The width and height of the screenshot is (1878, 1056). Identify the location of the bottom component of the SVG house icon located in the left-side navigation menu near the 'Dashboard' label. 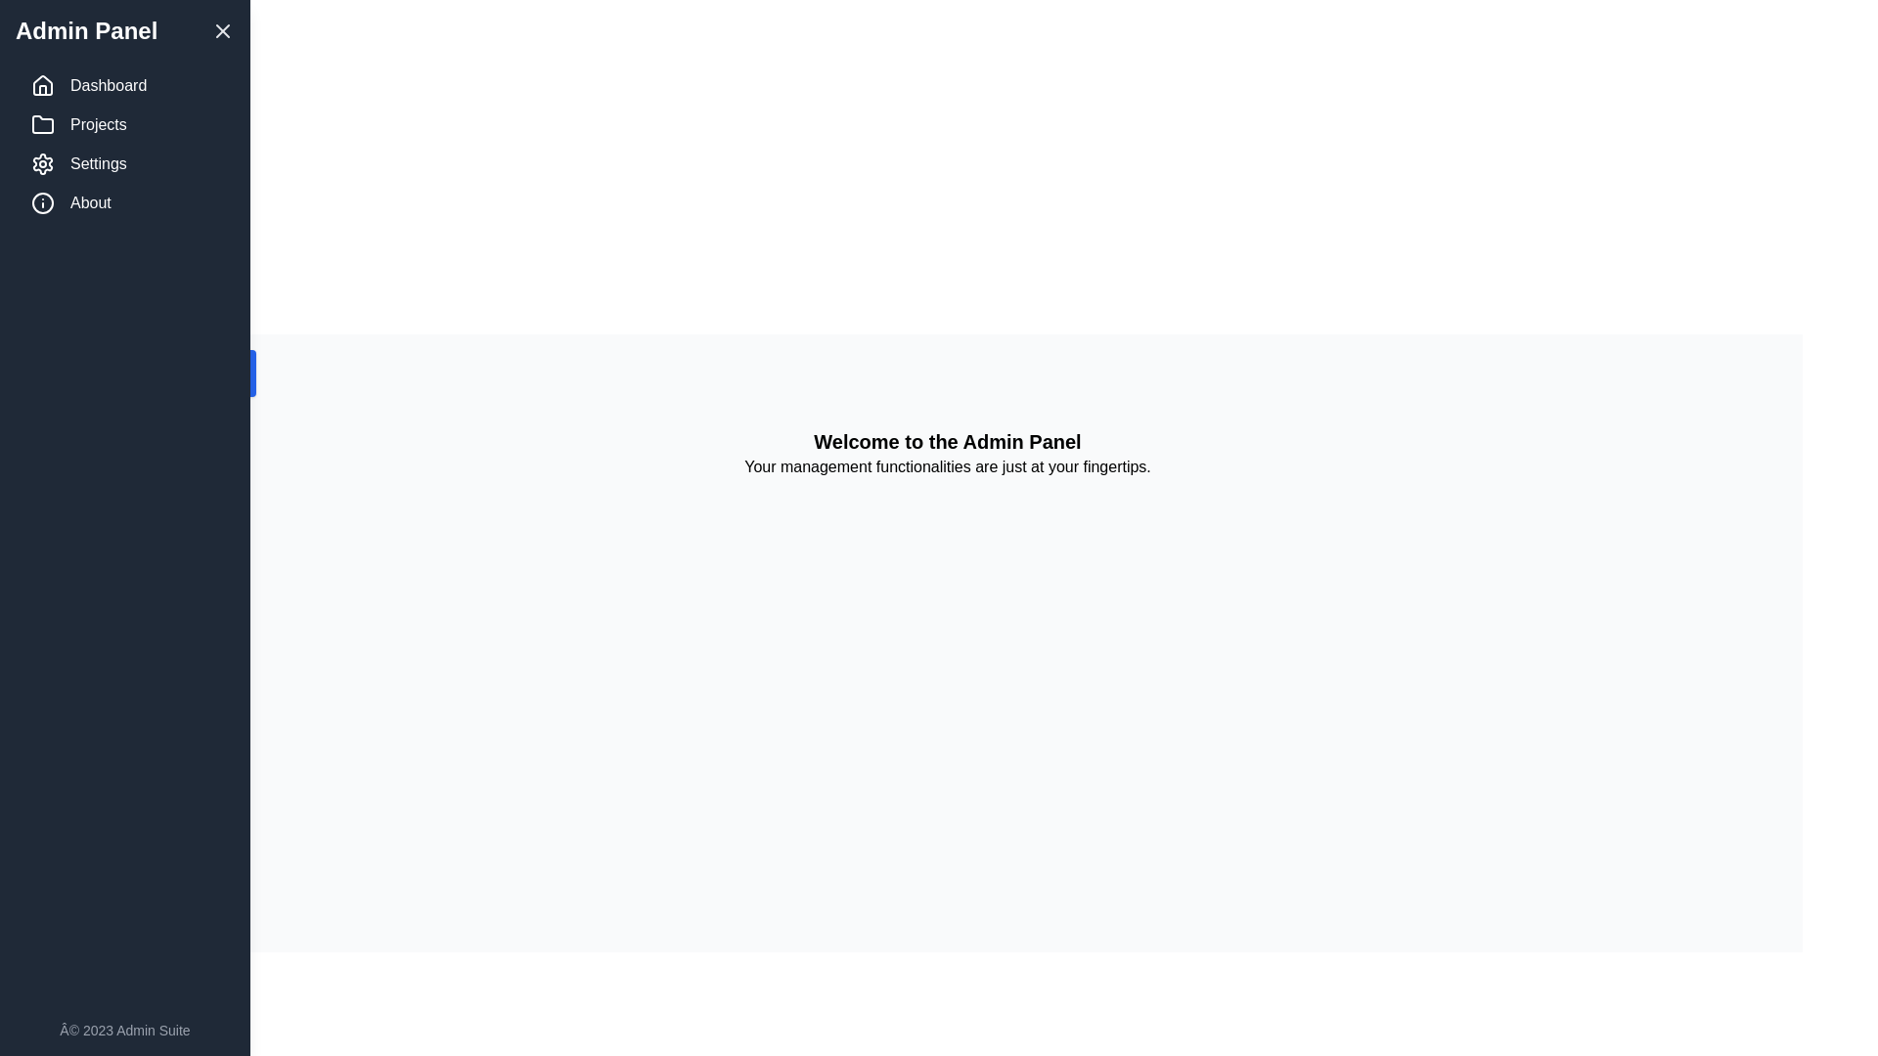
(42, 90).